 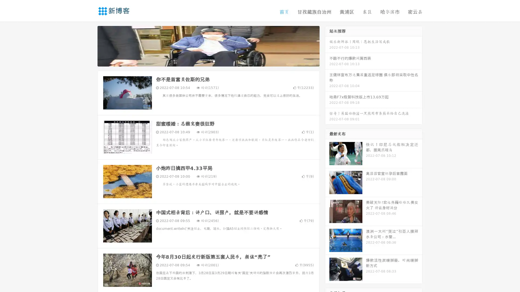 I want to click on Go to slide 2, so click(x=208, y=61).